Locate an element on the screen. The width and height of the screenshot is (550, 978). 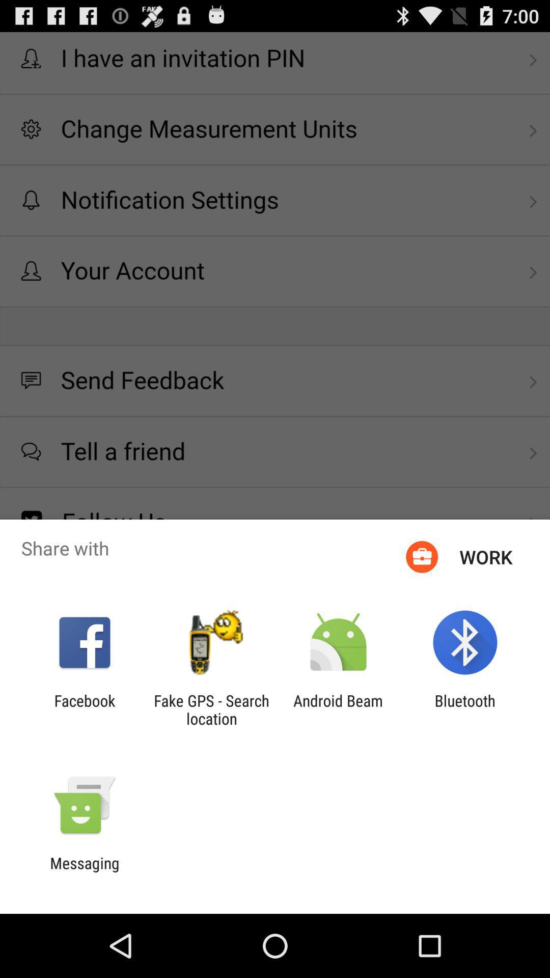
the bluetooth icon is located at coordinates (465, 709).